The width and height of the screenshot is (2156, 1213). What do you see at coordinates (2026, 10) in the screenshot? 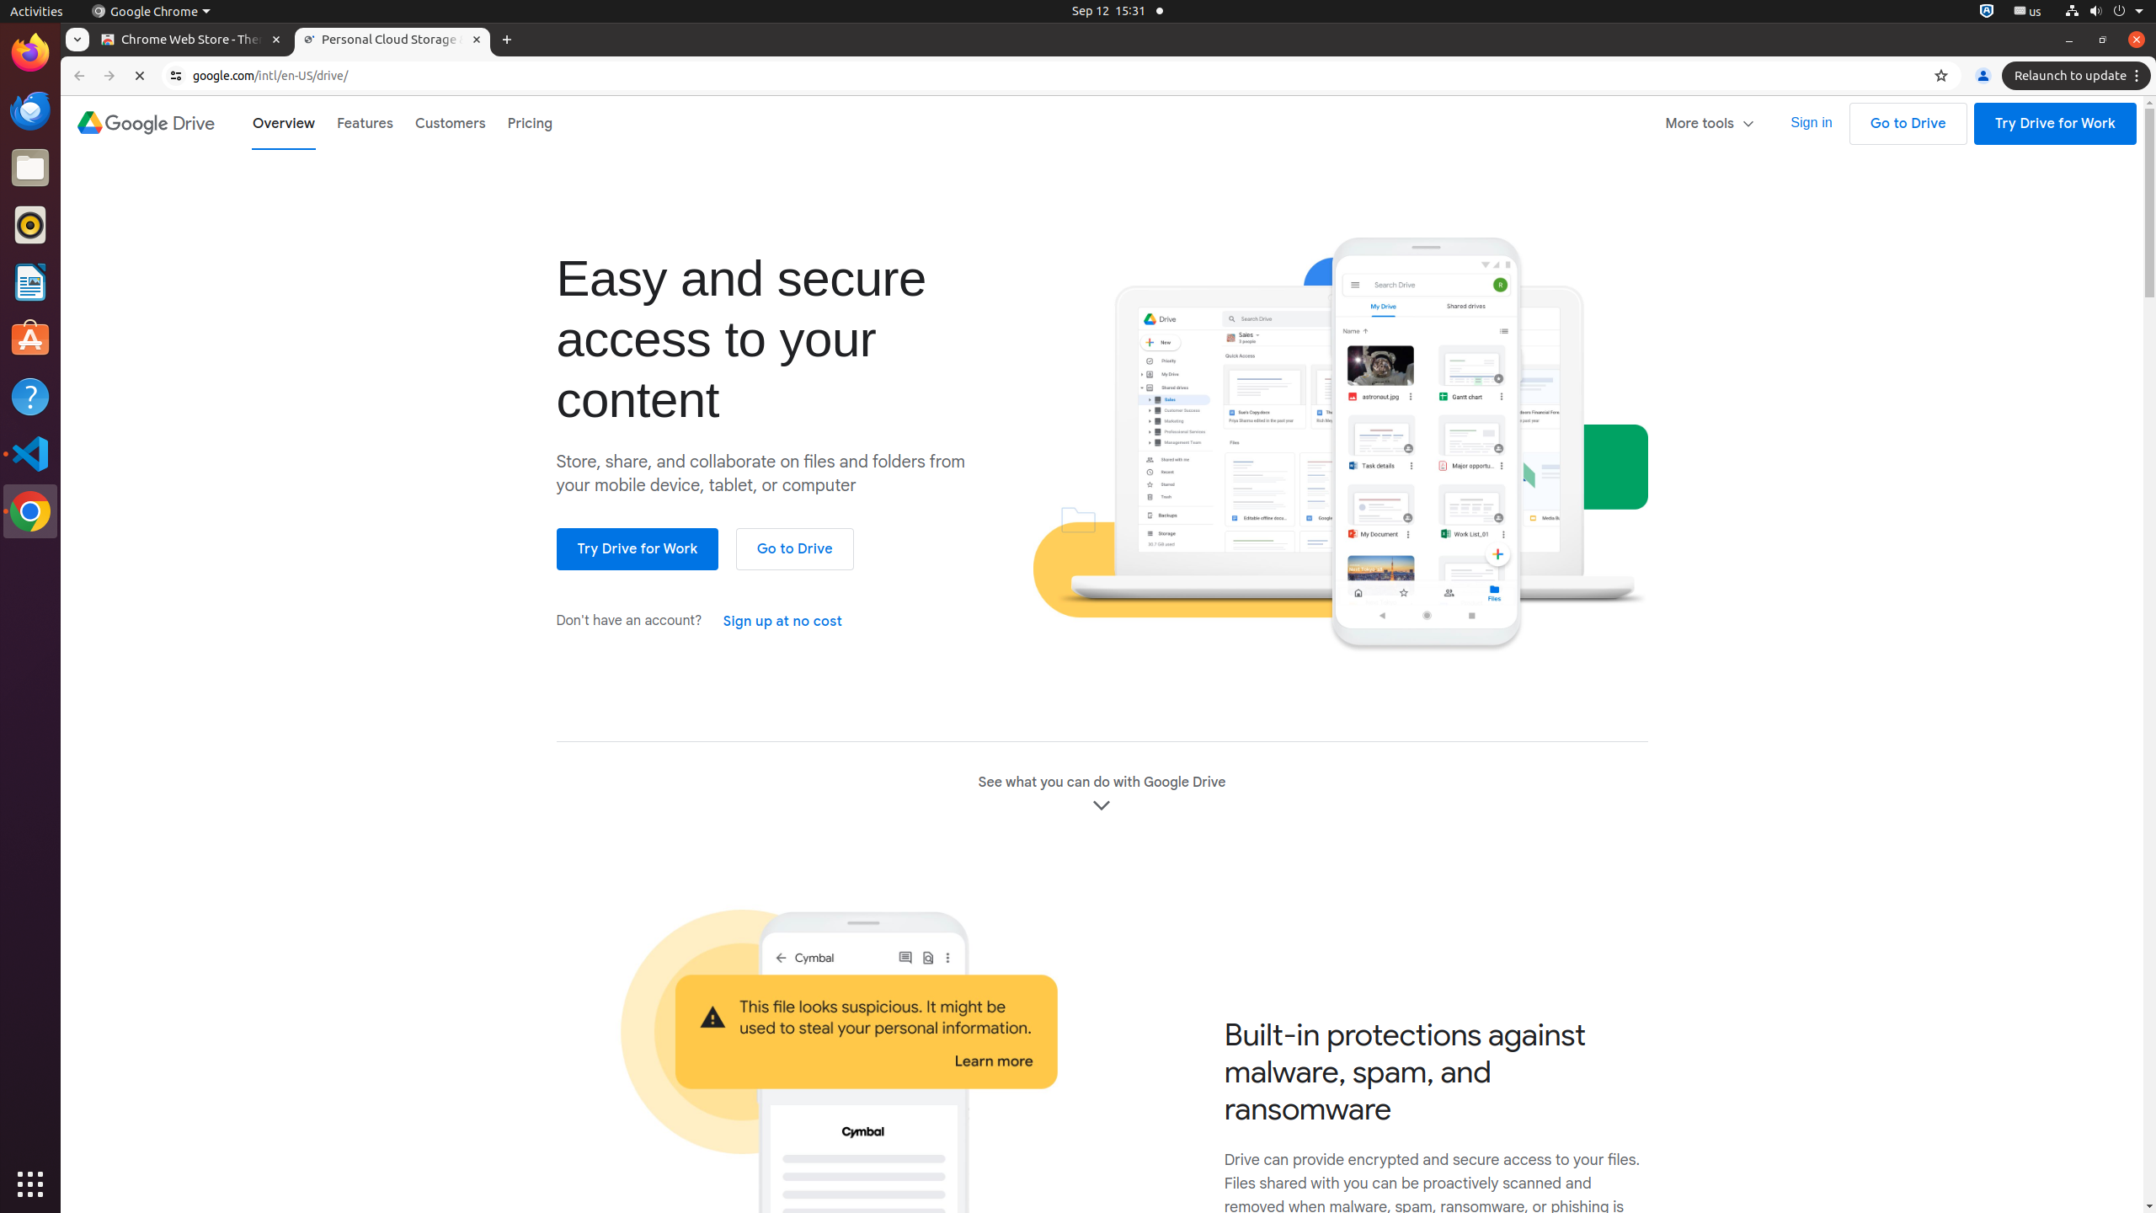
I see `':1.21/StatusNotifierItem'` at bounding box center [2026, 10].